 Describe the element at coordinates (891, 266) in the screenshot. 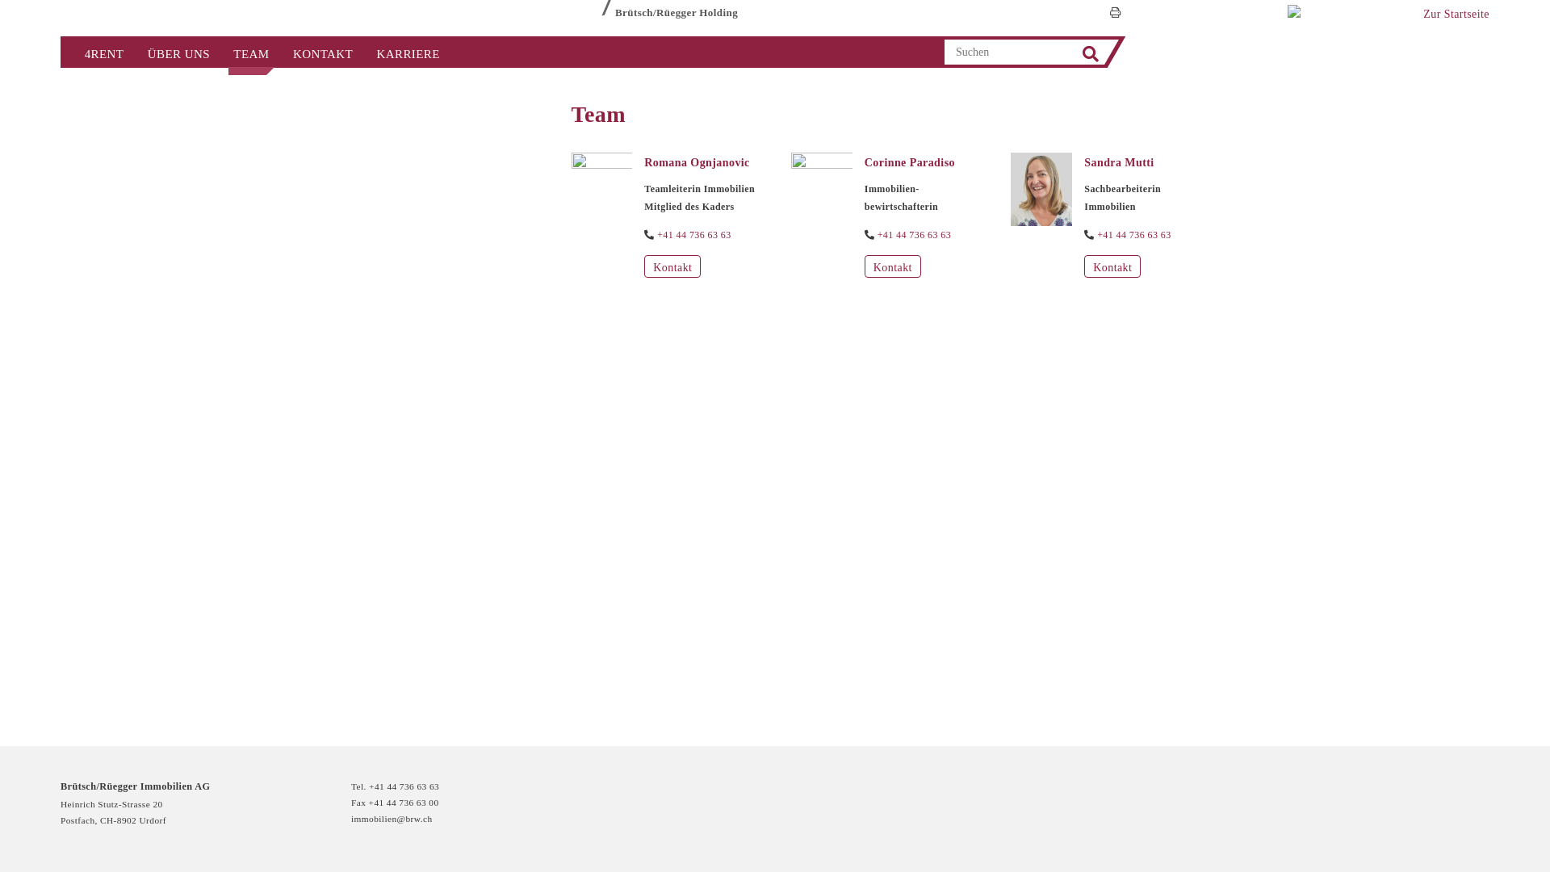

I see `'Kontakt'` at that location.